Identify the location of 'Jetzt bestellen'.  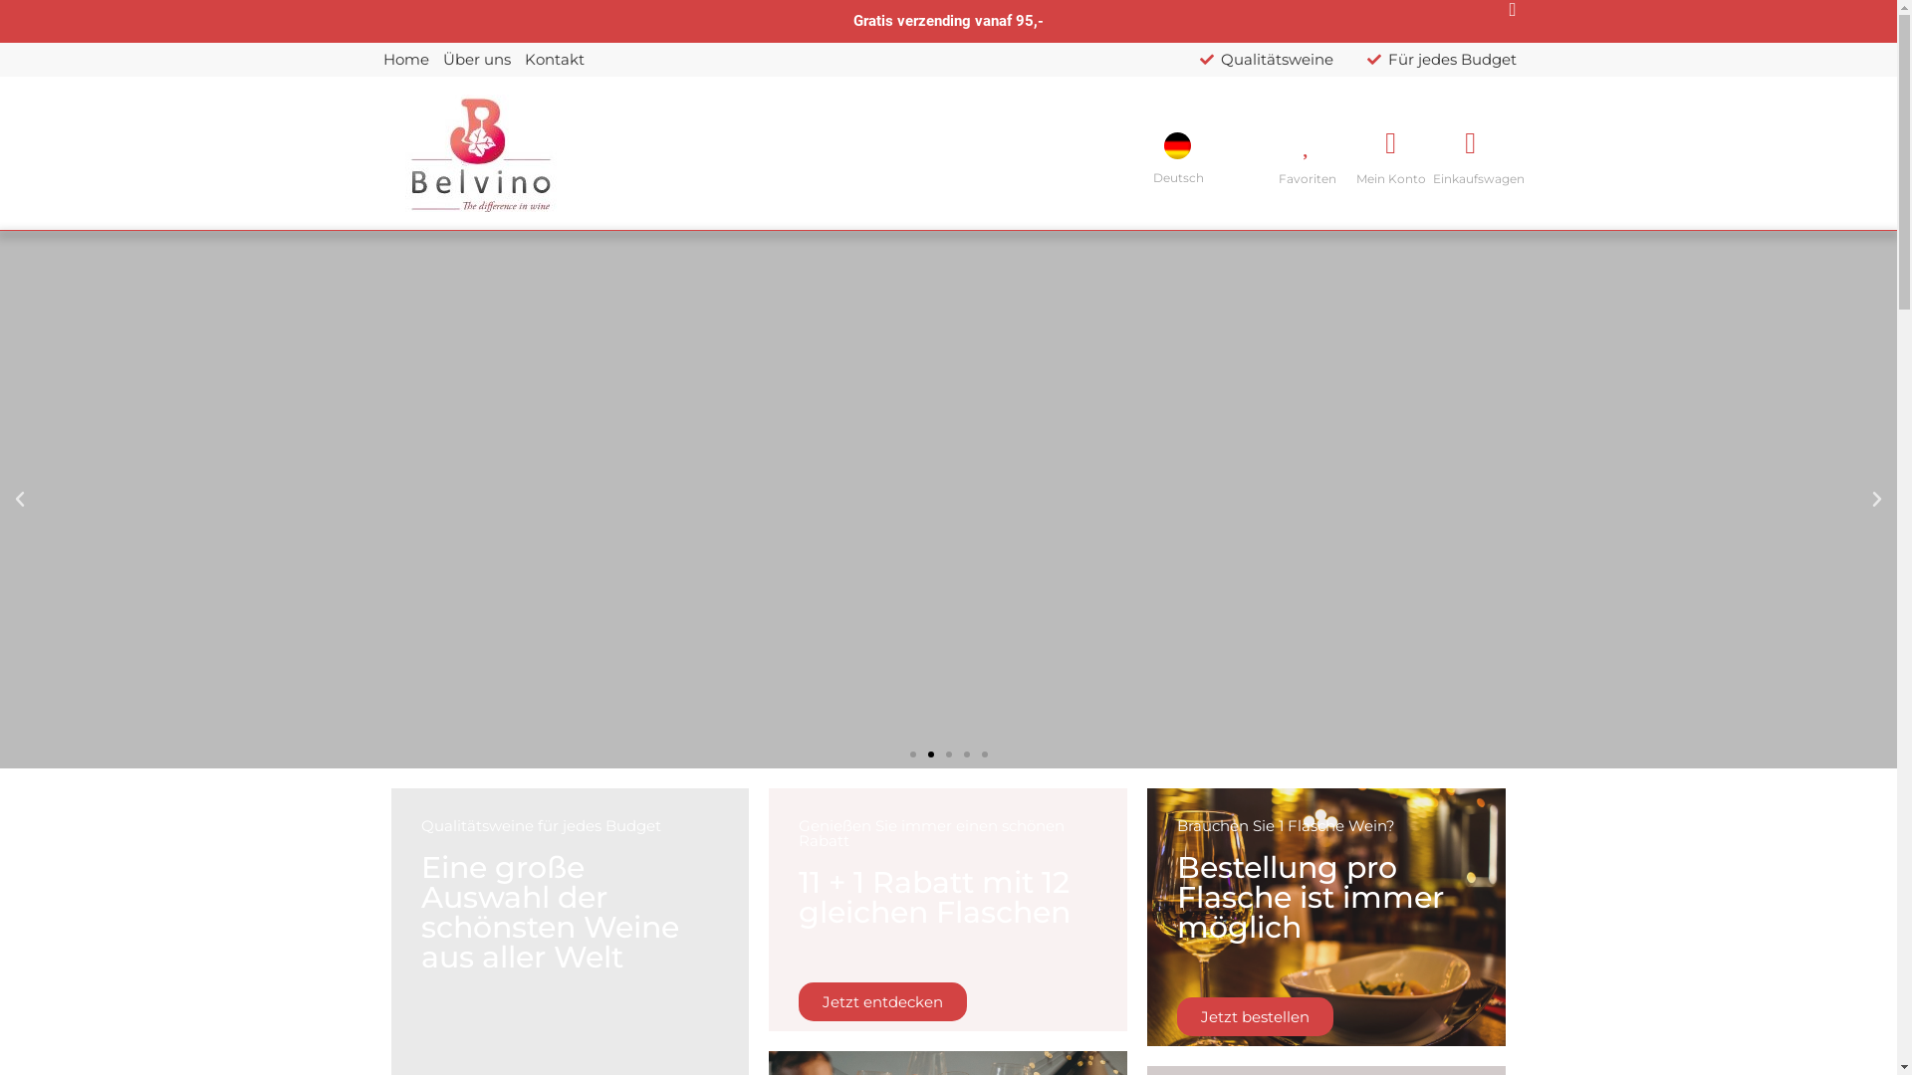
(1254, 1016).